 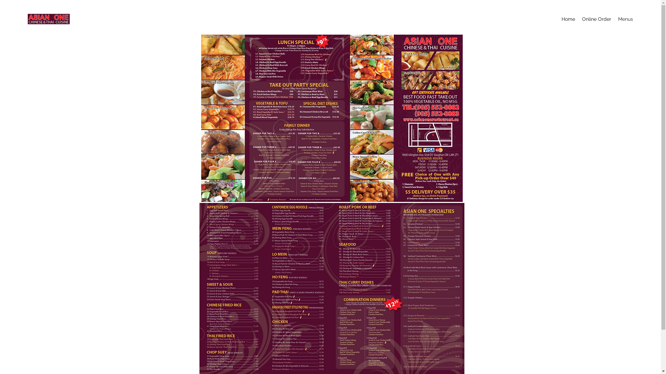 I want to click on 'Menus', so click(x=625, y=18).